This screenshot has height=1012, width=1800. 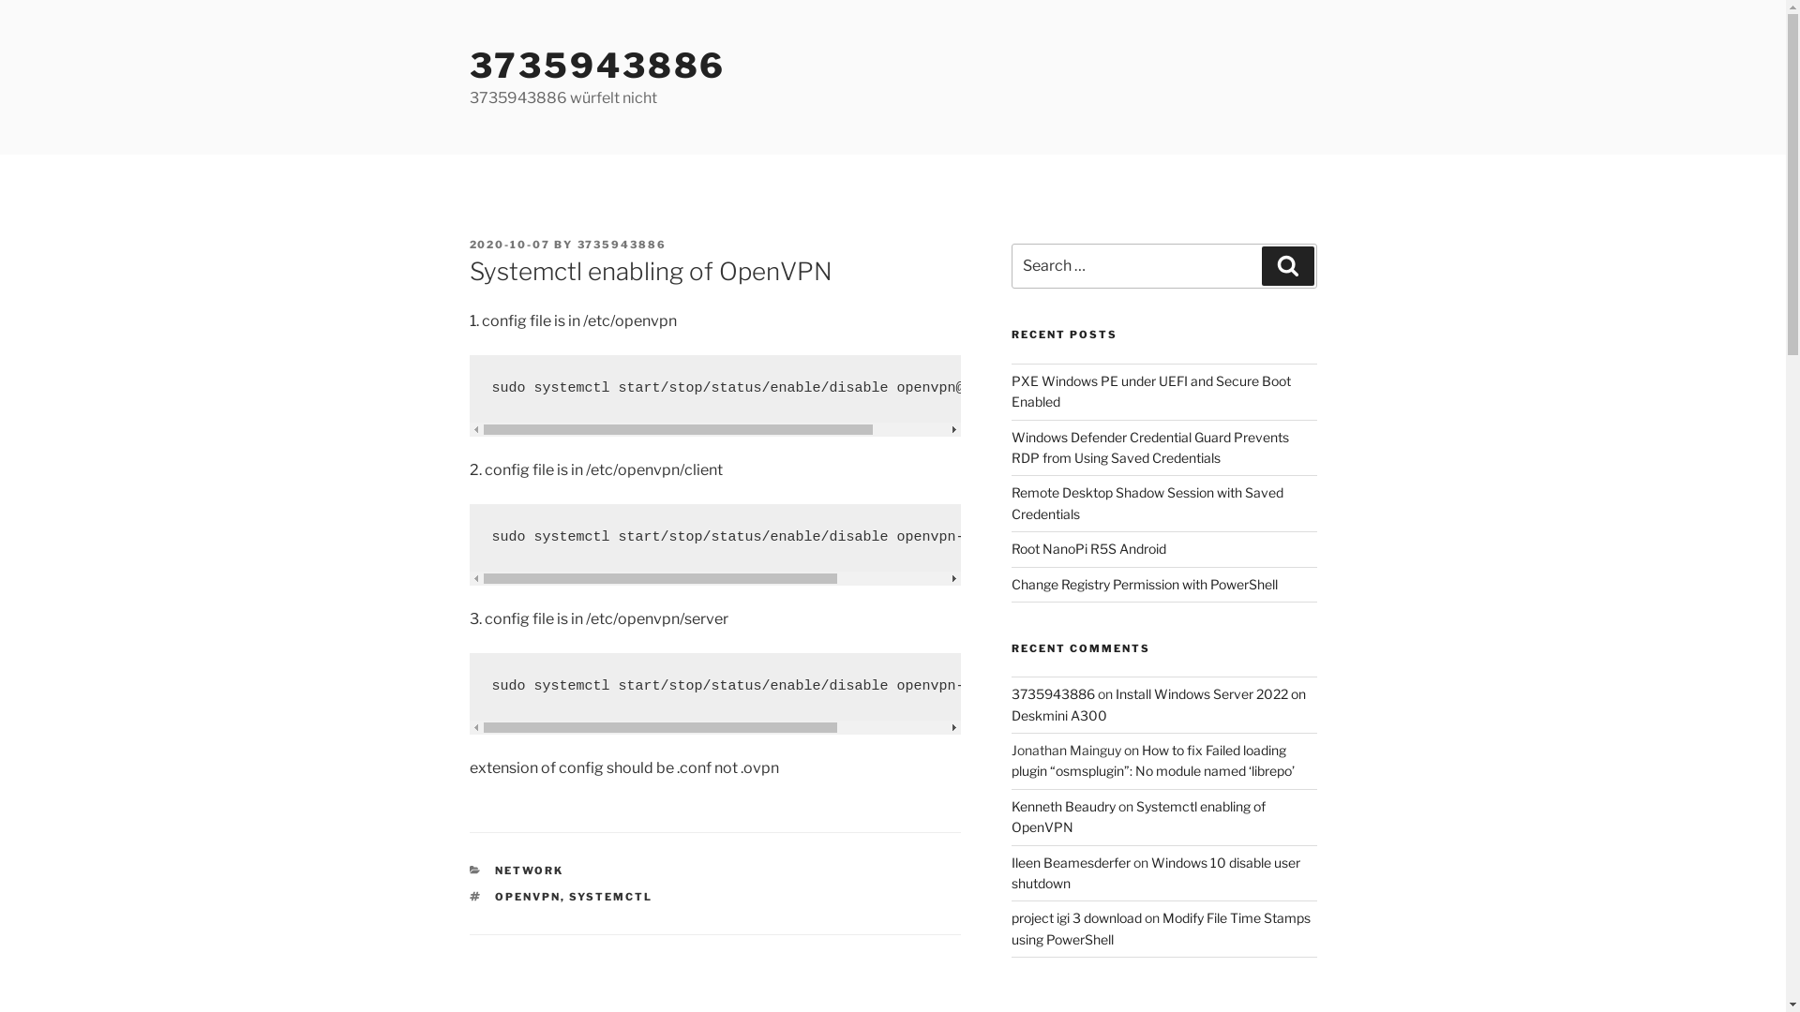 I want to click on 'SYSTEMCTL', so click(x=610, y=895).